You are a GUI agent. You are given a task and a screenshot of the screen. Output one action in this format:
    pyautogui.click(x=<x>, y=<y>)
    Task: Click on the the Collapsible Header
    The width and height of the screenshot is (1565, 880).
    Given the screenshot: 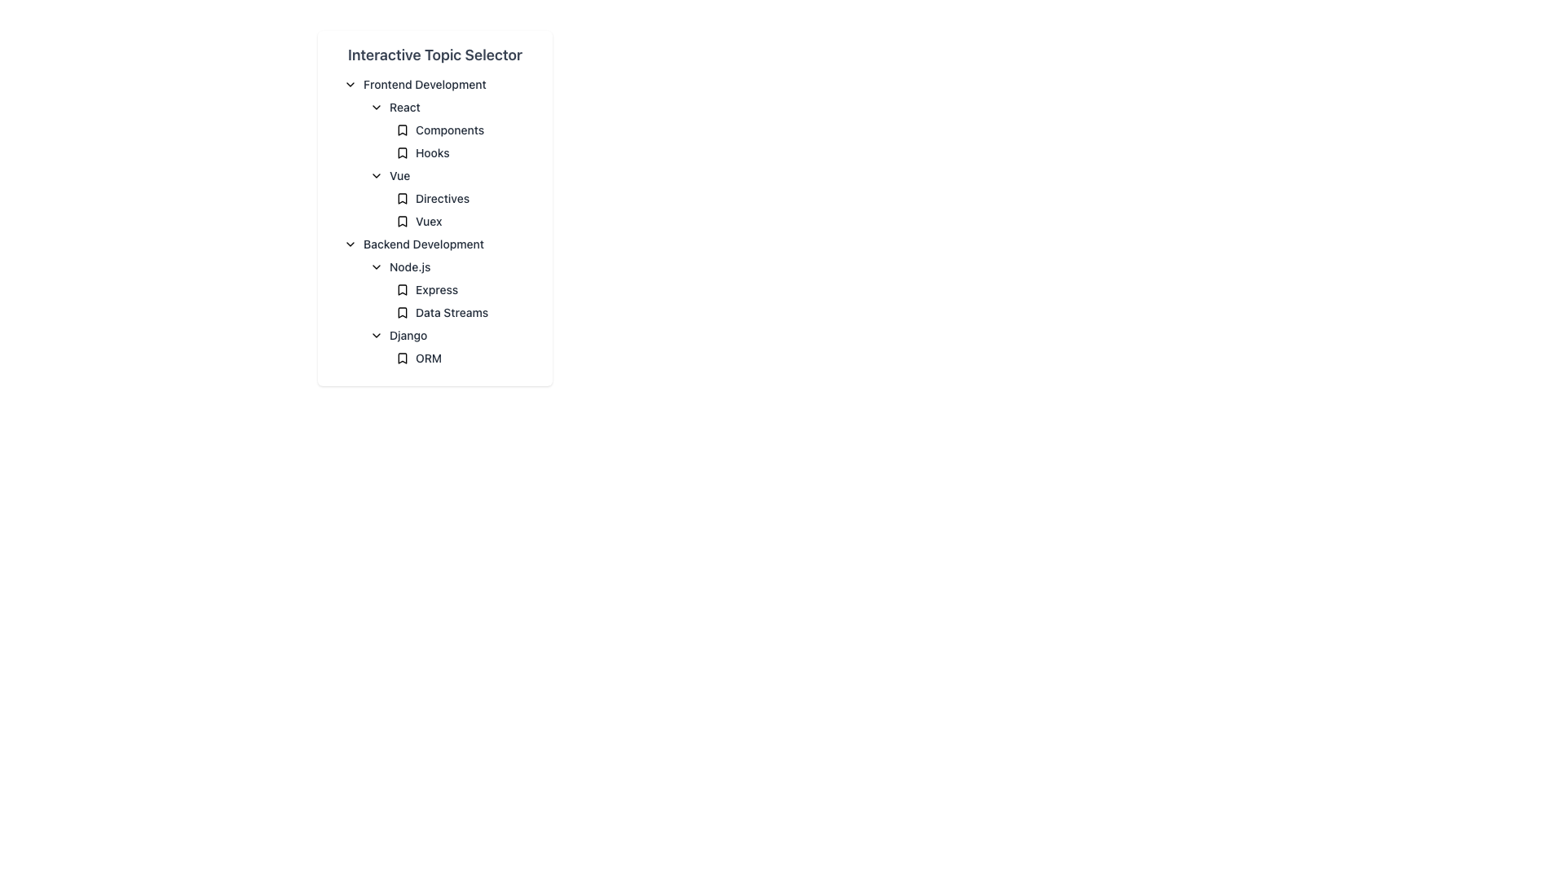 What is the action you would take?
    pyautogui.click(x=442, y=244)
    